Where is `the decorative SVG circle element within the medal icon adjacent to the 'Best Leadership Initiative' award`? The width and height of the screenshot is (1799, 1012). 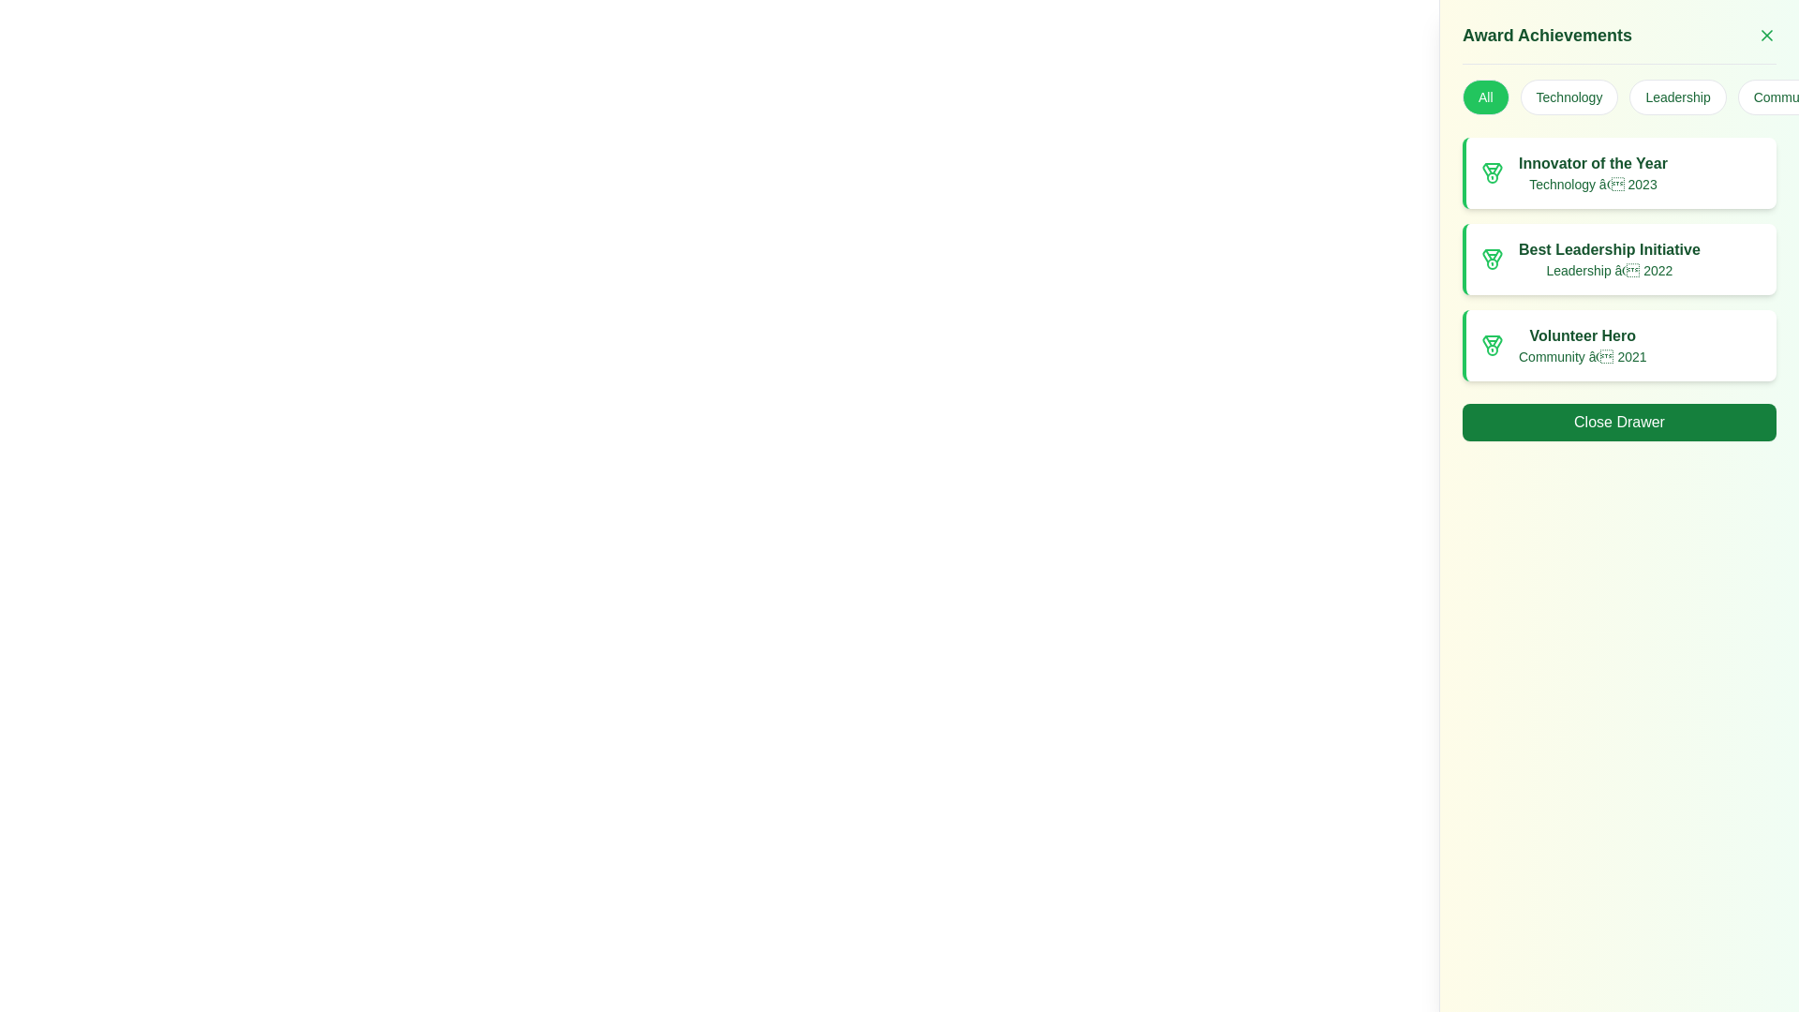
the decorative SVG circle element within the medal icon adjacent to the 'Best Leadership Initiative' award is located at coordinates (1492, 263).